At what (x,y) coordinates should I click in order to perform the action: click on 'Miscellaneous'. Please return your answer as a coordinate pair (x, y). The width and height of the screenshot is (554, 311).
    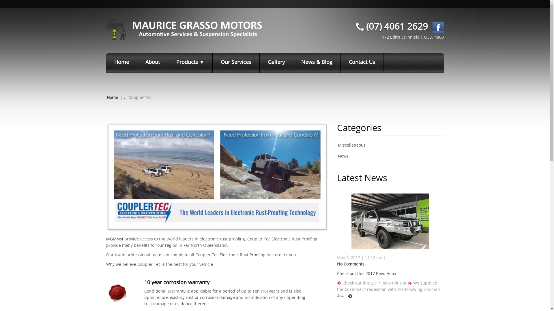
    Looking at the image, I should click on (338, 145).